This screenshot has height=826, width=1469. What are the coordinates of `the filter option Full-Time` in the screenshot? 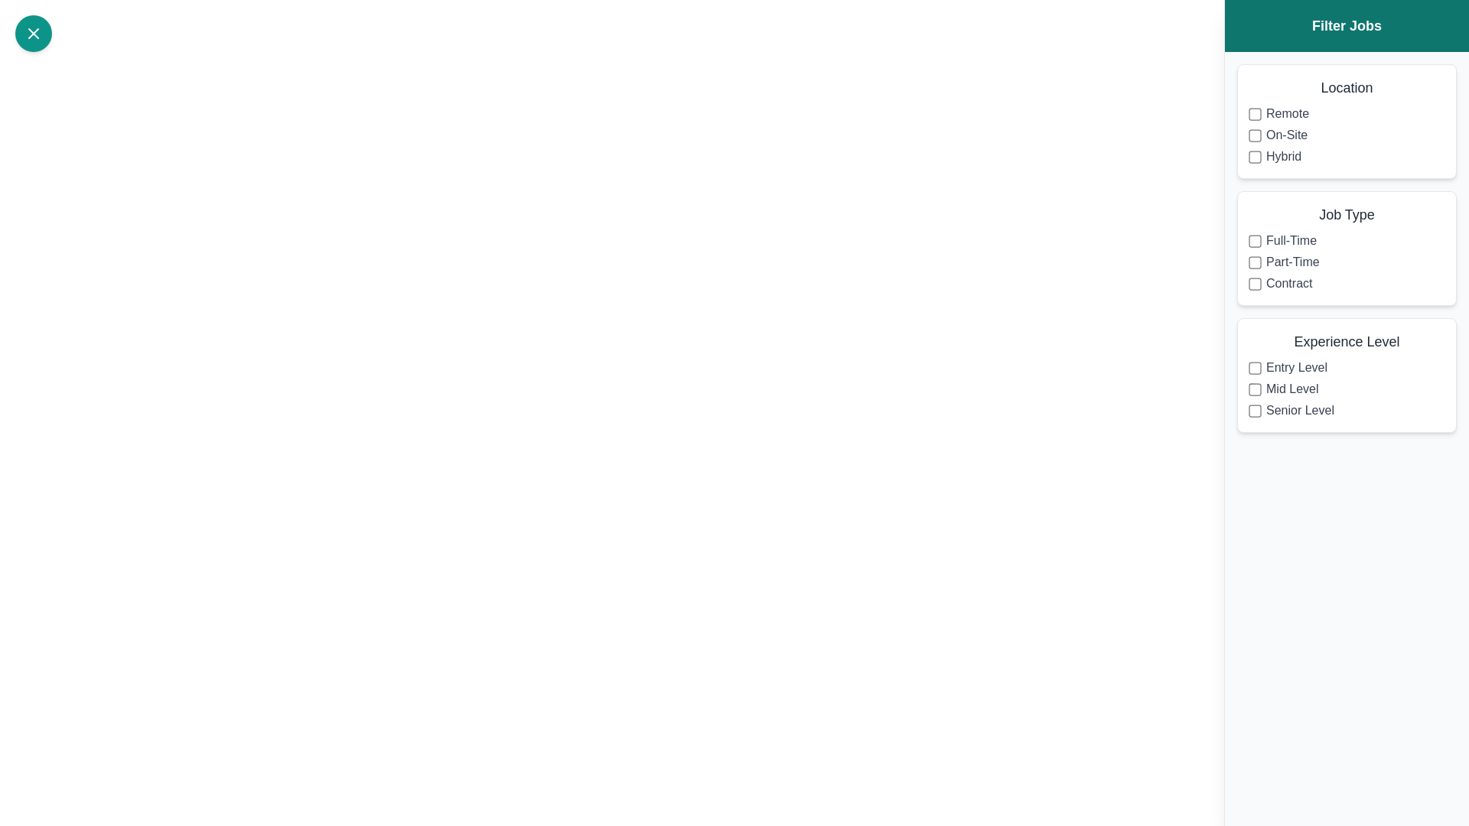 It's located at (1255, 241).